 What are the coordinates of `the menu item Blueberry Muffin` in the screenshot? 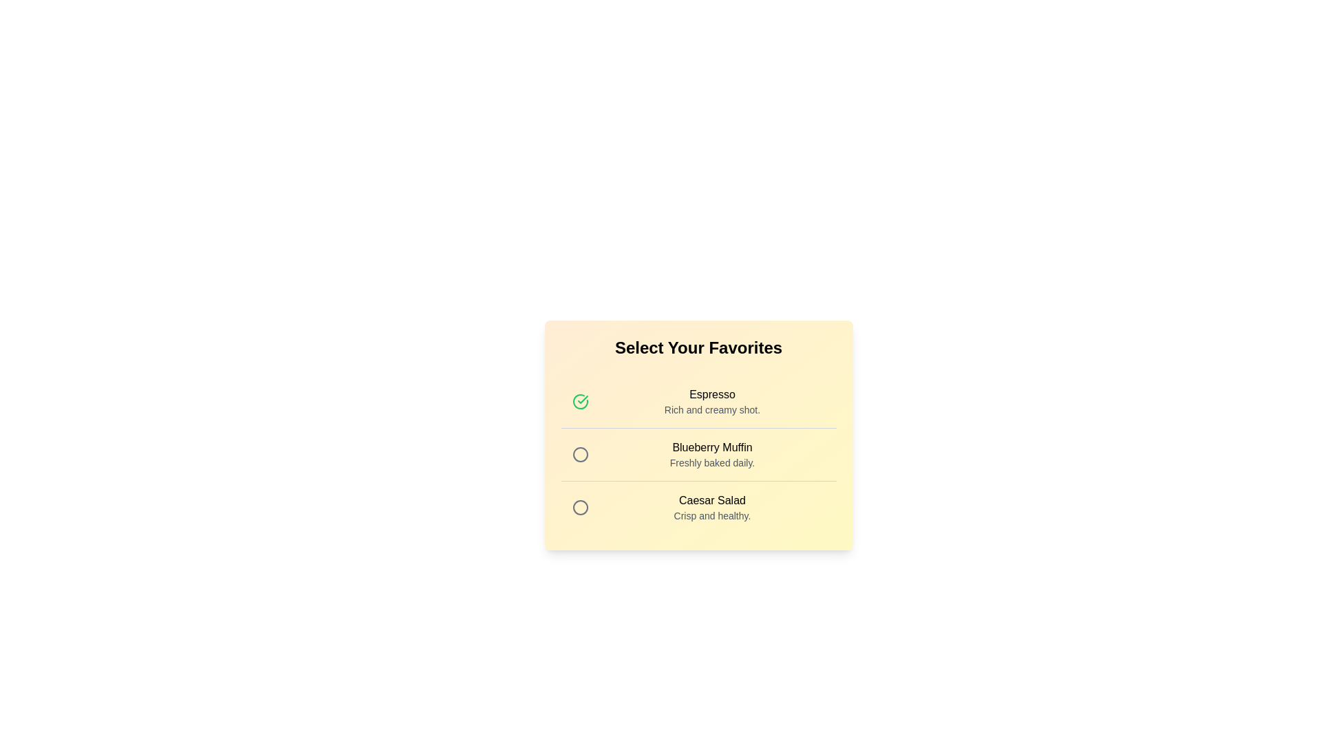 It's located at (580, 454).